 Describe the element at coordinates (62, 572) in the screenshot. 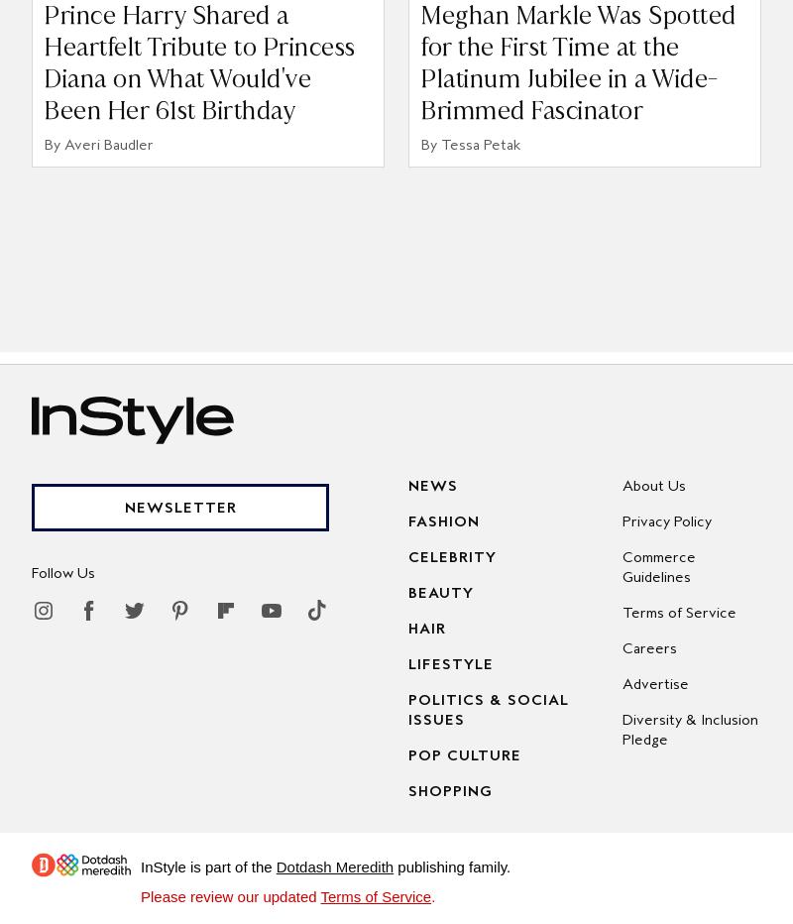

I see `'Follow Us'` at that location.